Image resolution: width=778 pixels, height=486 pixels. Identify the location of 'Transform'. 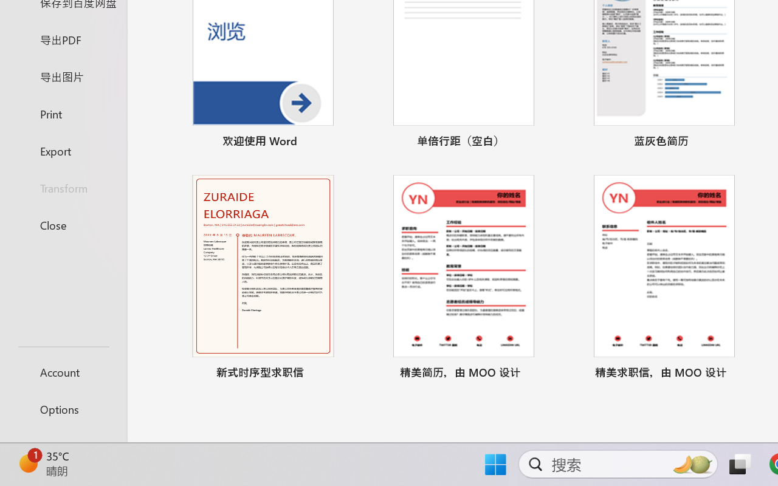
(63, 187).